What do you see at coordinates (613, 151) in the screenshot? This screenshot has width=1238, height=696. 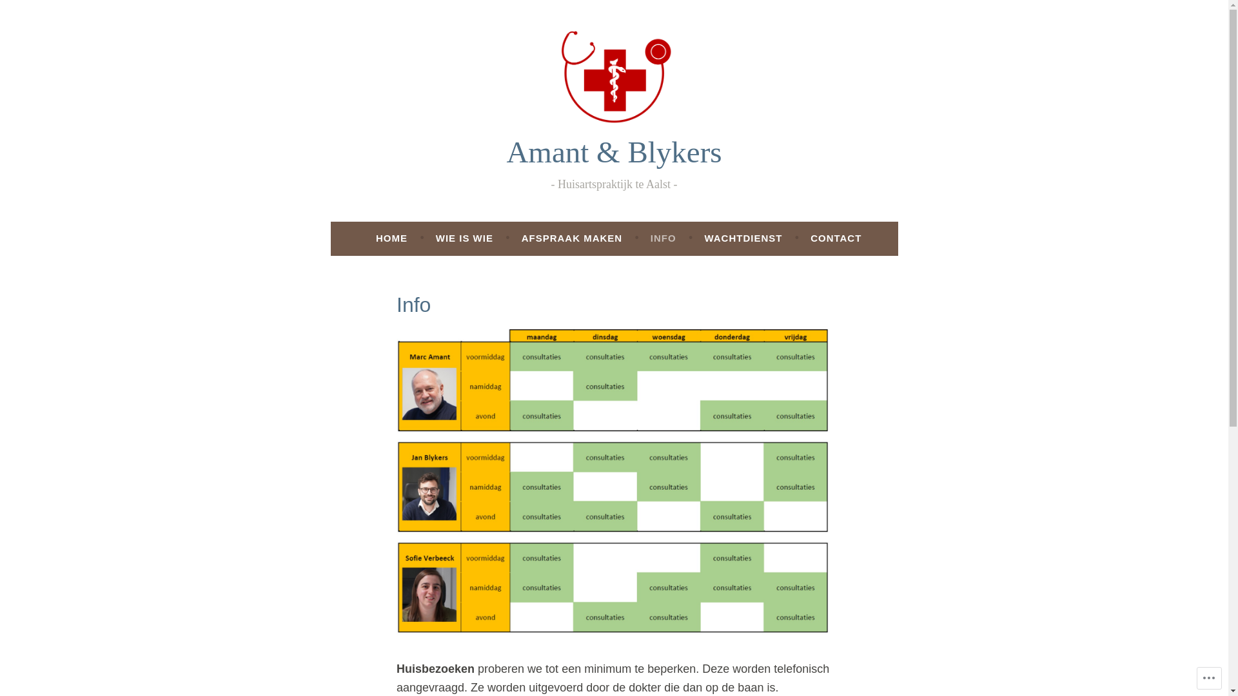 I see `'Amant & Blykers'` at bounding box center [613, 151].